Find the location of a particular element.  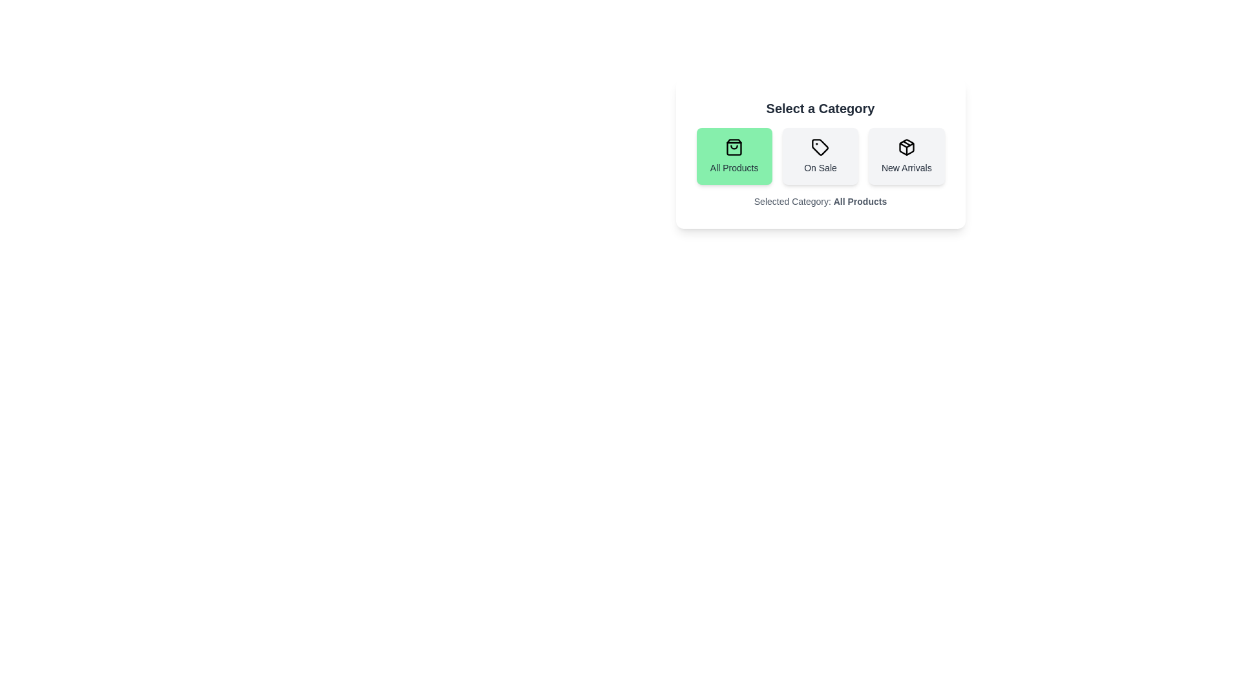

the category button labeled On Sale is located at coordinates (820, 156).